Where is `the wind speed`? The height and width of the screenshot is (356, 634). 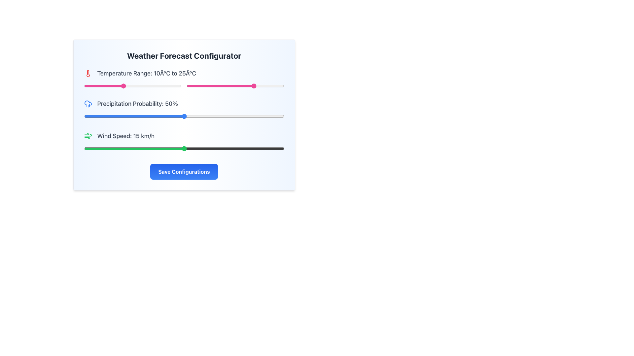
the wind speed is located at coordinates (197, 149).